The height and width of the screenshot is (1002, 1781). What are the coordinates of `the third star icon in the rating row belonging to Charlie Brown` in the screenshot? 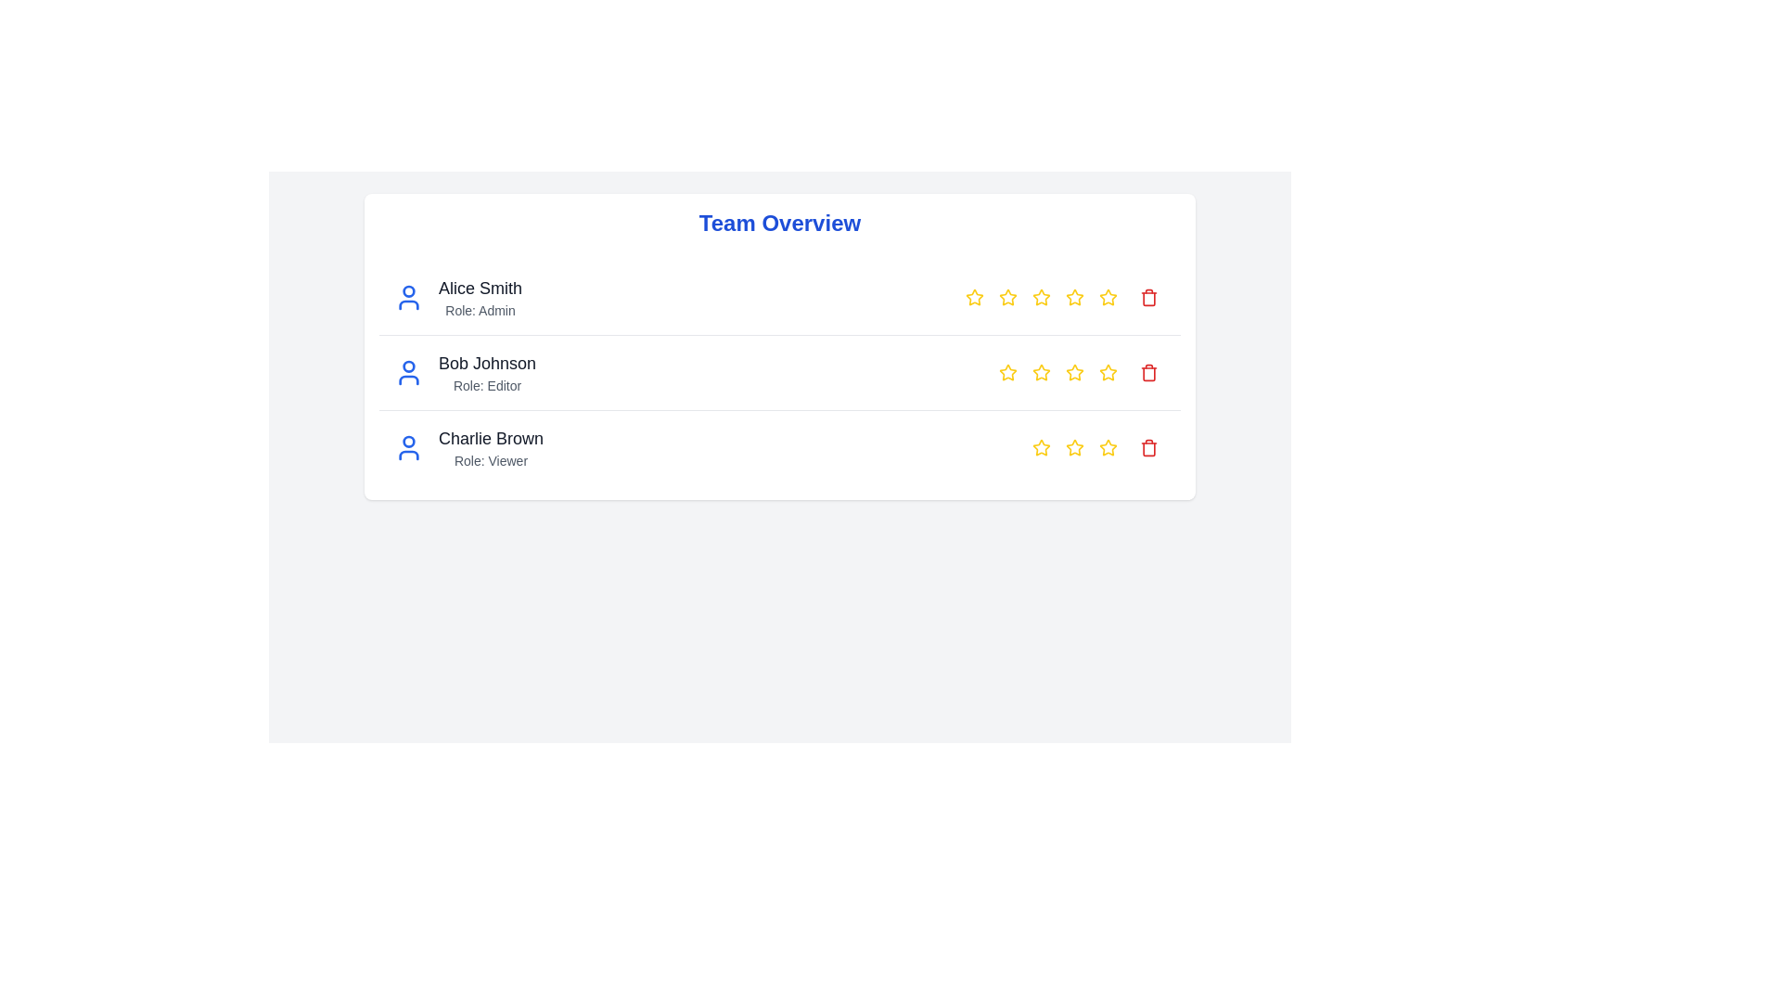 It's located at (1074, 447).